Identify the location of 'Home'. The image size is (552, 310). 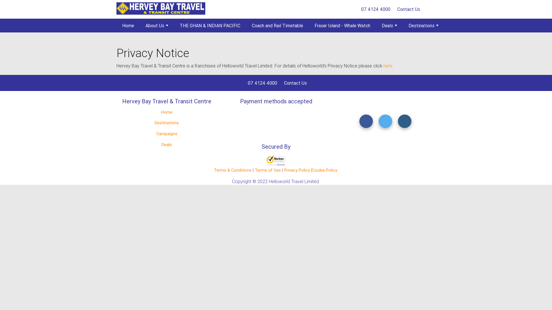
(166, 113).